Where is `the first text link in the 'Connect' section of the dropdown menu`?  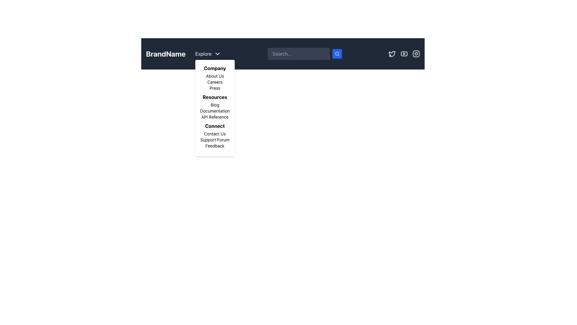 the first text link in the 'Connect' section of the dropdown menu is located at coordinates (215, 133).